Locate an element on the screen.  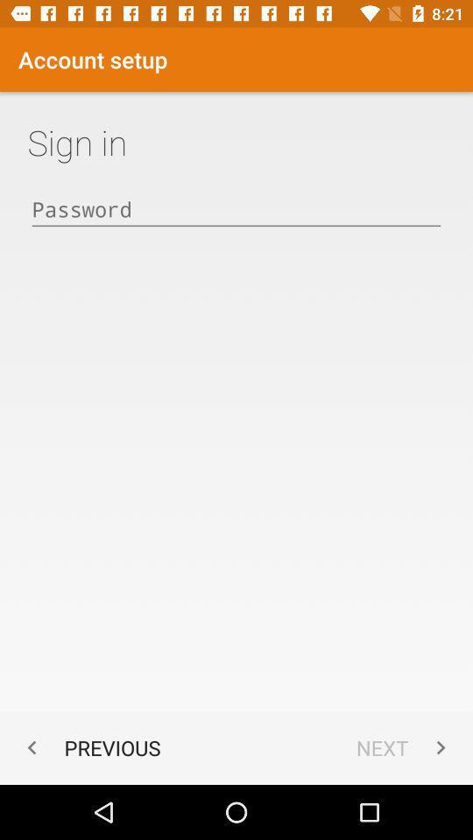
icon at the bottom left corner is located at coordinates (89, 746).